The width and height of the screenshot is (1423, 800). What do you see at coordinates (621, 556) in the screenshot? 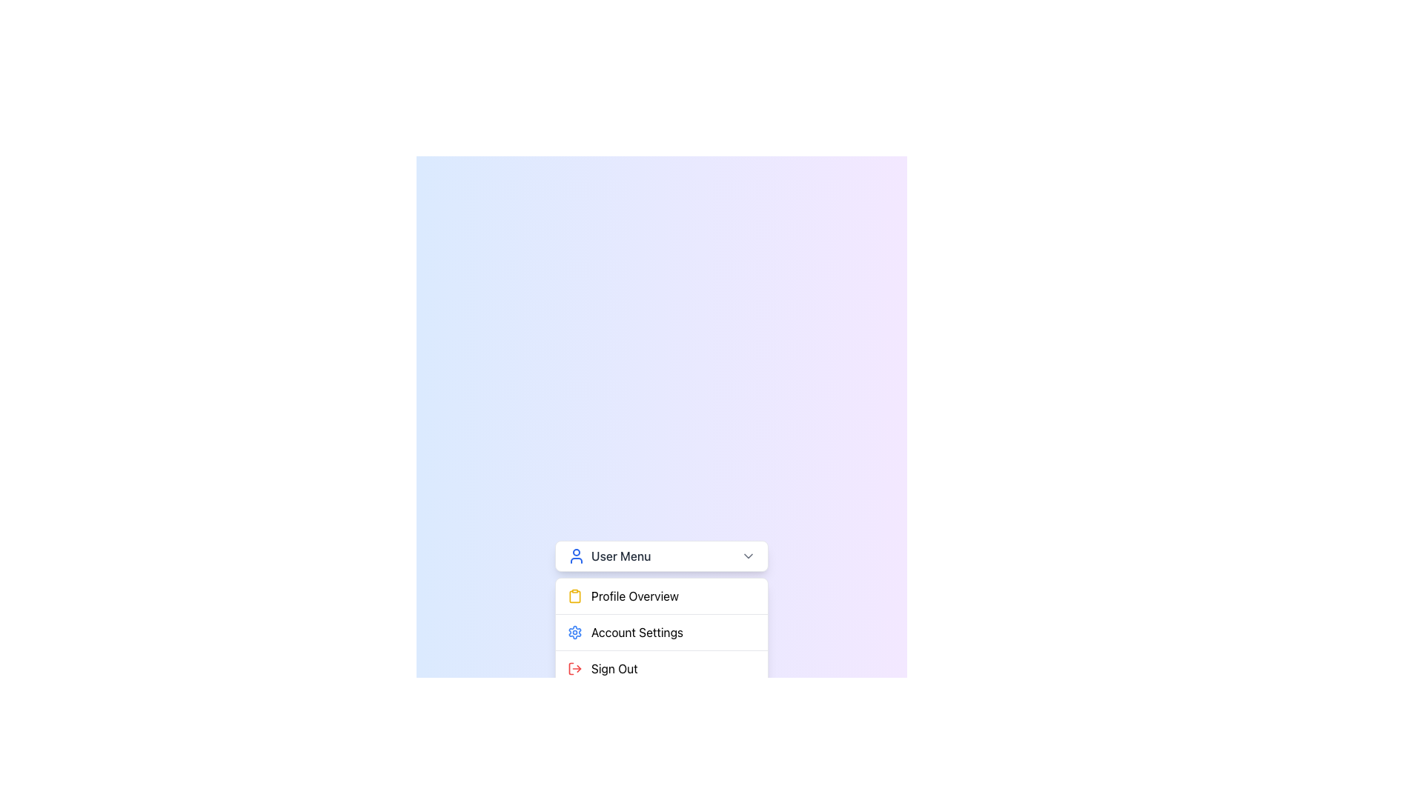
I see `text label 'User Menu' which is displayed in bold, medium-sized, gray-colored font, positioned centrally in the dropdown menu near the top center, second from the left of the blue user icon` at bounding box center [621, 556].